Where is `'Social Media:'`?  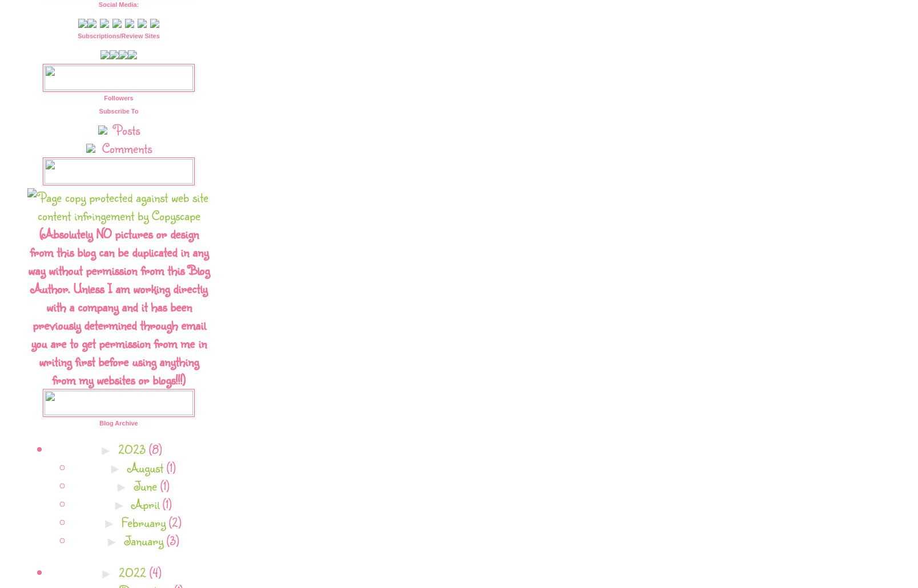
'Social Media:' is located at coordinates (118, 4).